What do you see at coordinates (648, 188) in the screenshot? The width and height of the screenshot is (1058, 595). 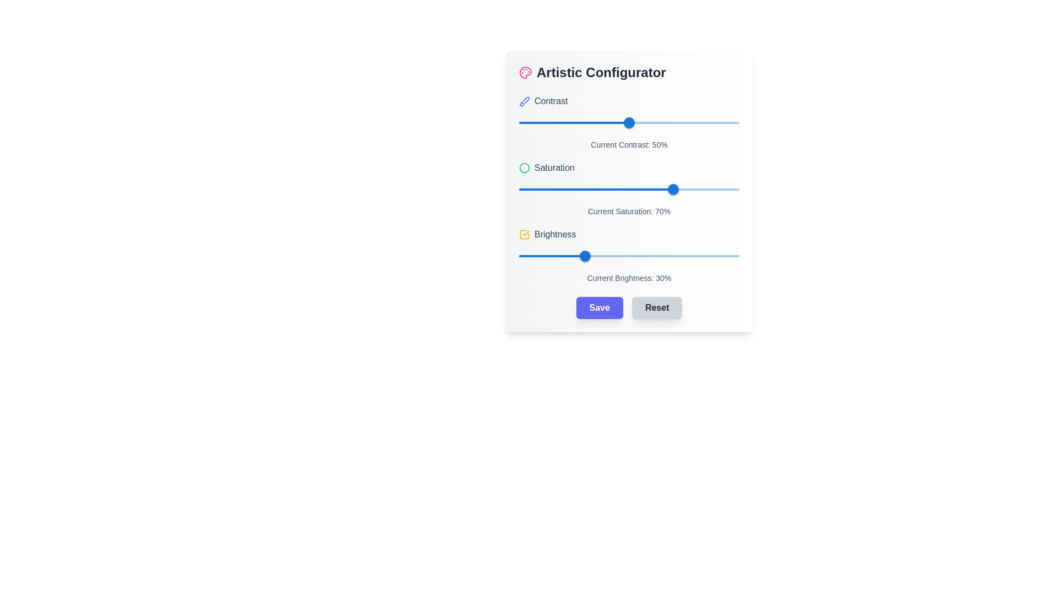 I see `saturation` at bounding box center [648, 188].